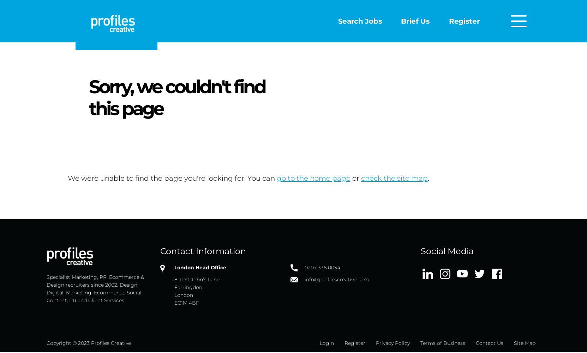  I want to click on 'Site Map', so click(513, 343).